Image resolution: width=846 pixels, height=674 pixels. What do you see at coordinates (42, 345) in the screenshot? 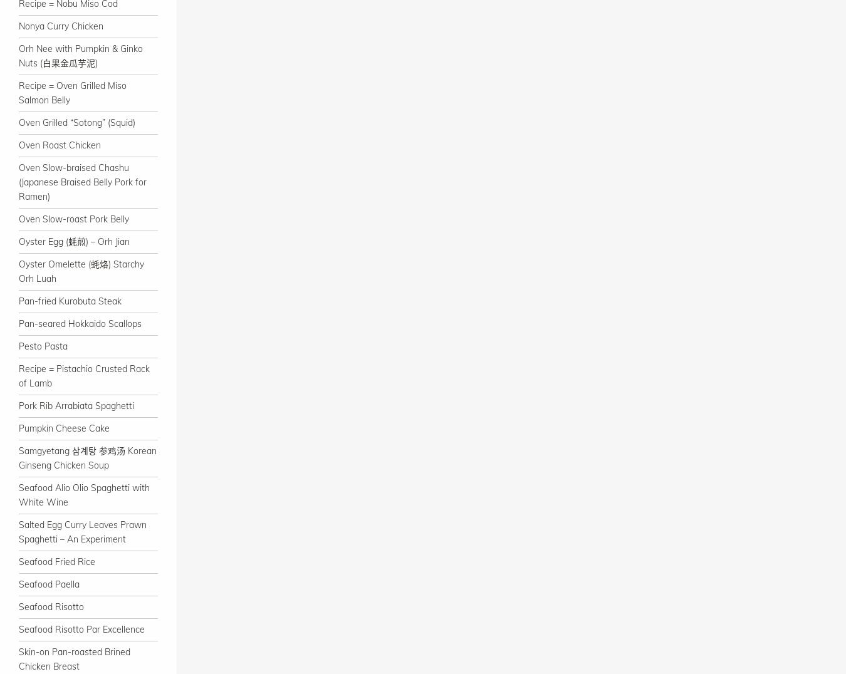
I see `'Pesto Pasta'` at bounding box center [42, 345].